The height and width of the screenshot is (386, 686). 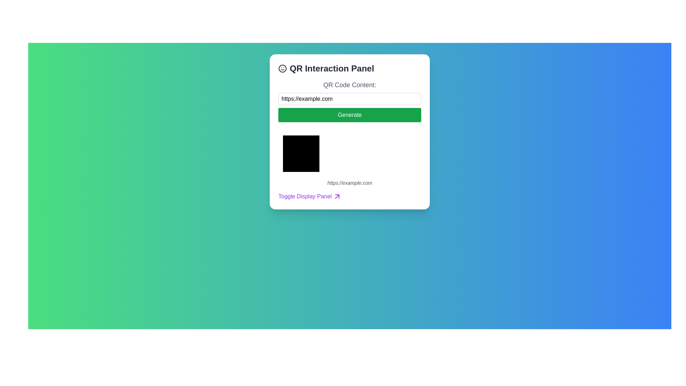 What do you see at coordinates (337, 197) in the screenshot?
I see `the icon that indicates redirection, expansion, or navigation, located to the right of the 'Toggle Display Panel' text in the lower part of the central panel` at bounding box center [337, 197].